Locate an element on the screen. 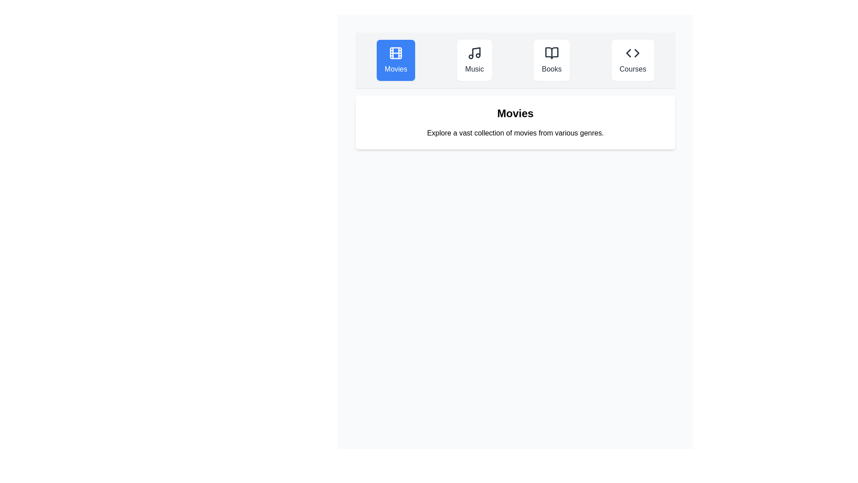  the Books tab to activate it is located at coordinates (551, 60).